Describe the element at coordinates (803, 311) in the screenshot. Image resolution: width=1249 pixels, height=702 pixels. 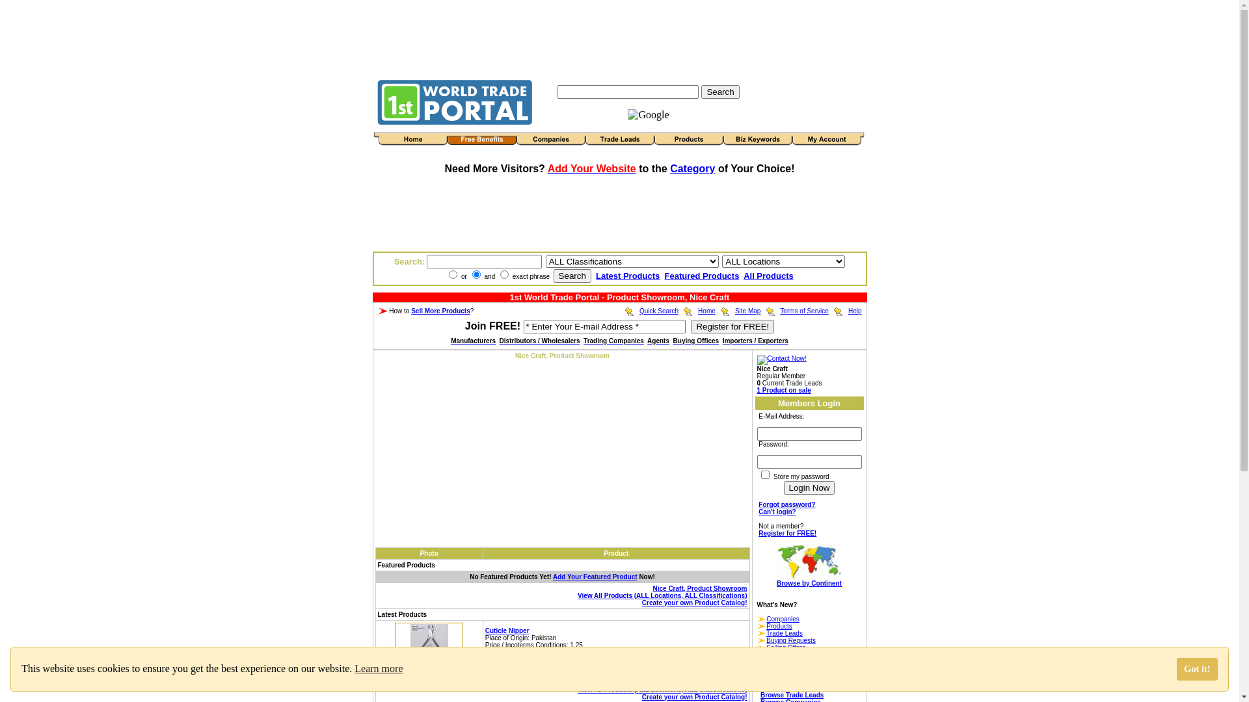
I see `'Terms of Service'` at that location.